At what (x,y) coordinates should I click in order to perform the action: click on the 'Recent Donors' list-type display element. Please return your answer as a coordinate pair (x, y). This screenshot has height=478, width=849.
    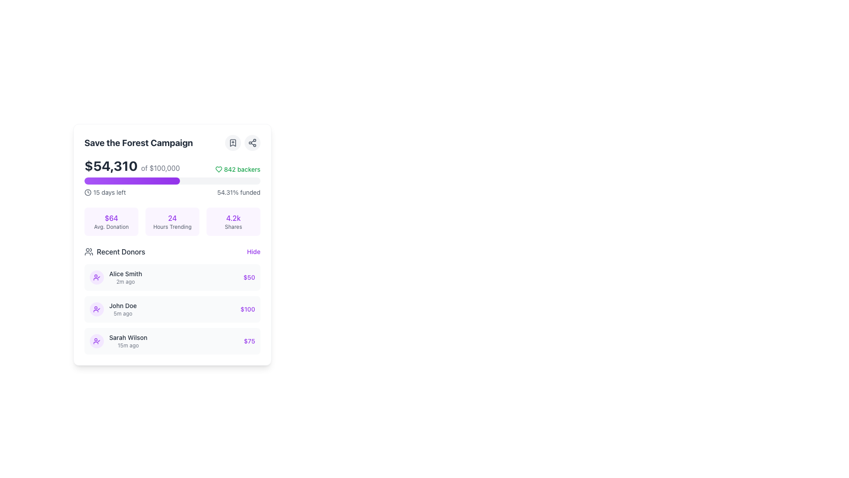
    Looking at the image, I should click on (172, 300).